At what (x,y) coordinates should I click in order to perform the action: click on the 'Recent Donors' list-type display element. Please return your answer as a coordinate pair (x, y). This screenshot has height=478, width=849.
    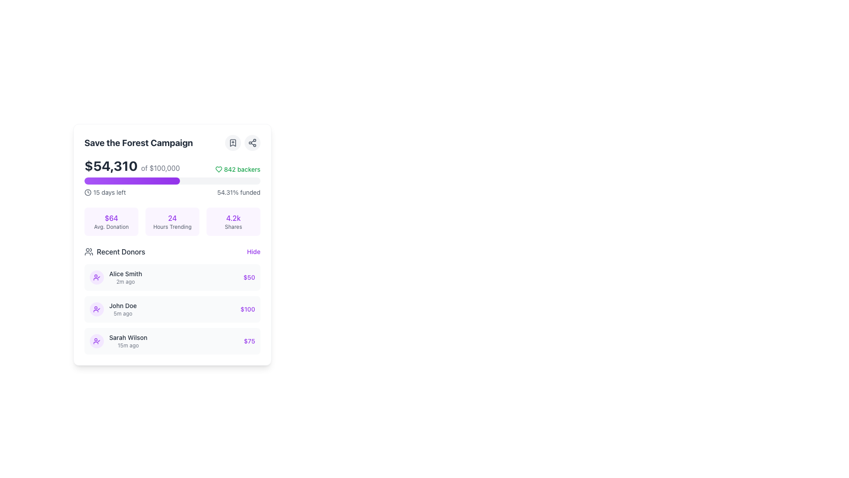
    Looking at the image, I should click on (172, 300).